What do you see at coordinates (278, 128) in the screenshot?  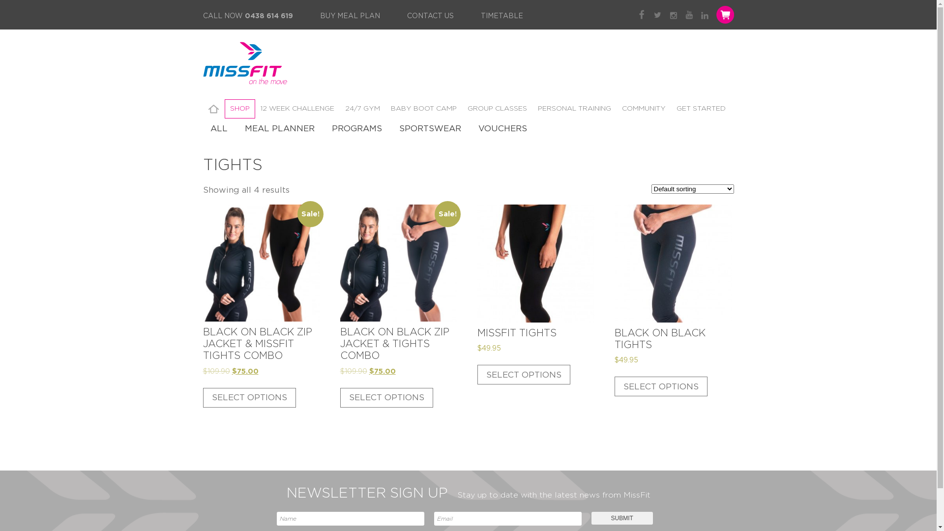 I see `'MEAL PLANNER'` at bounding box center [278, 128].